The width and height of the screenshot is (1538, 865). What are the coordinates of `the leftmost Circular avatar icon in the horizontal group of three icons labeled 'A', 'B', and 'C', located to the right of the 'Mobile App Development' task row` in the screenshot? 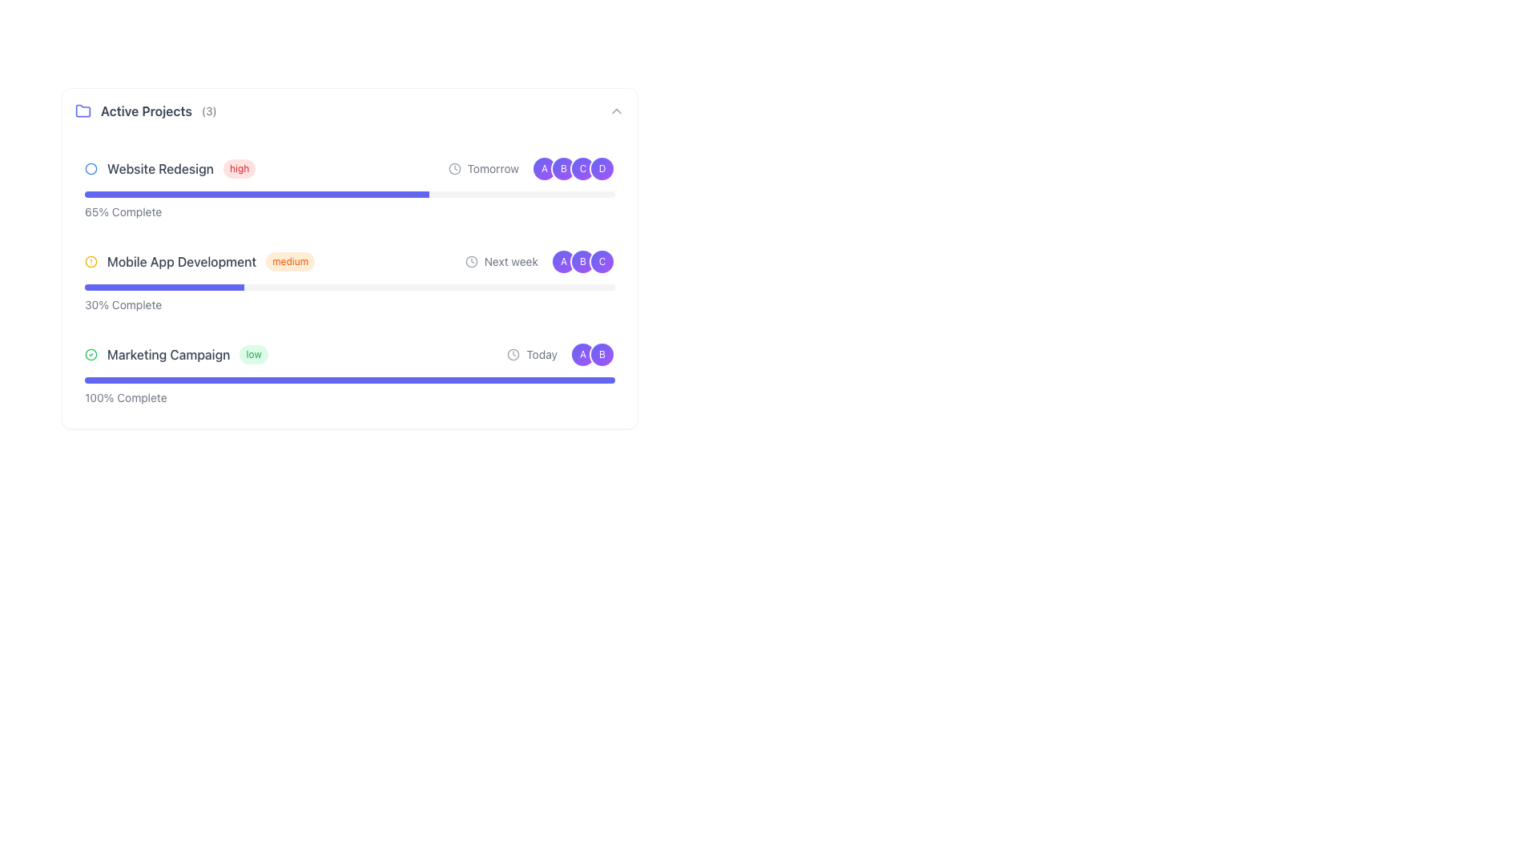 It's located at (564, 261).